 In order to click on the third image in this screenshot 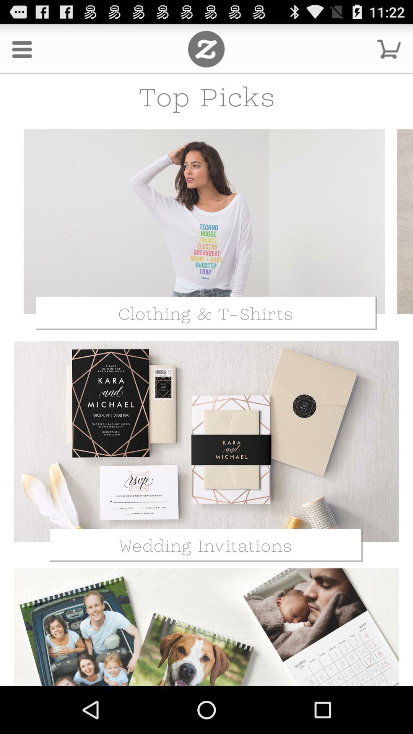, I will do `click(206, 625)`.